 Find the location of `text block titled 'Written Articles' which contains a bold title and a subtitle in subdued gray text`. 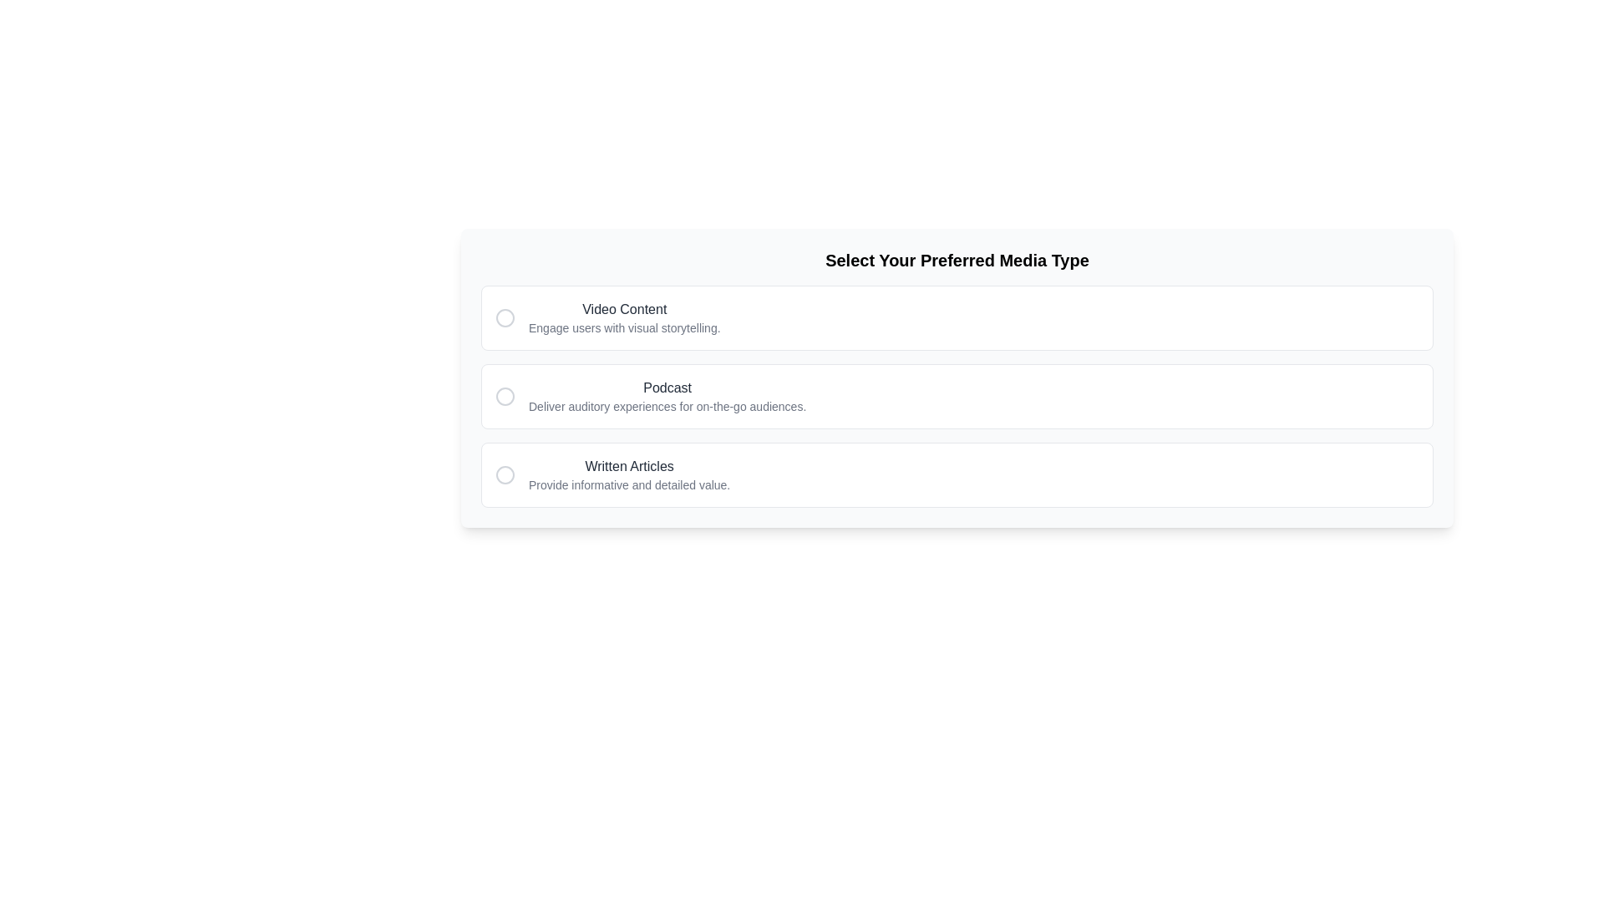

text block titled 'Written Articles' which contains a bold title and a subtitle in subdued gray text is located at coordinates (628, 475).